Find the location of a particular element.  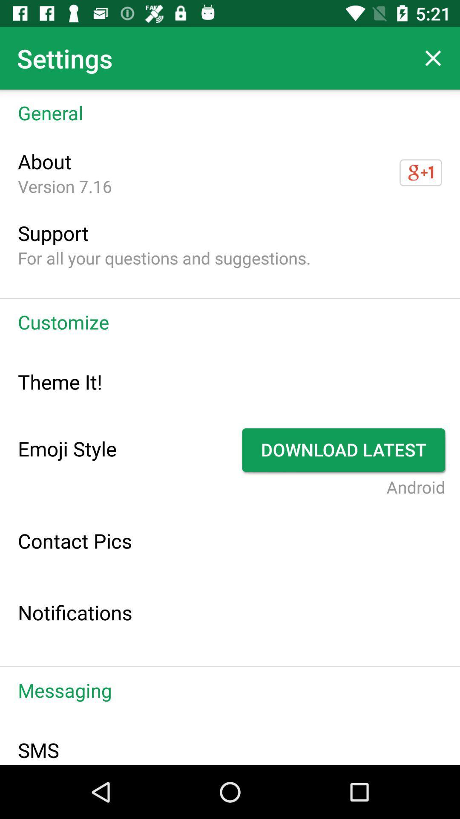

item above general icon is located at coordinates (433, 58).